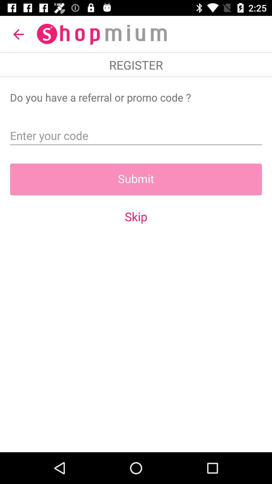  Describe the element at coordinates (136, 134) in the screenshot. I see `referral/promo code` at that location.